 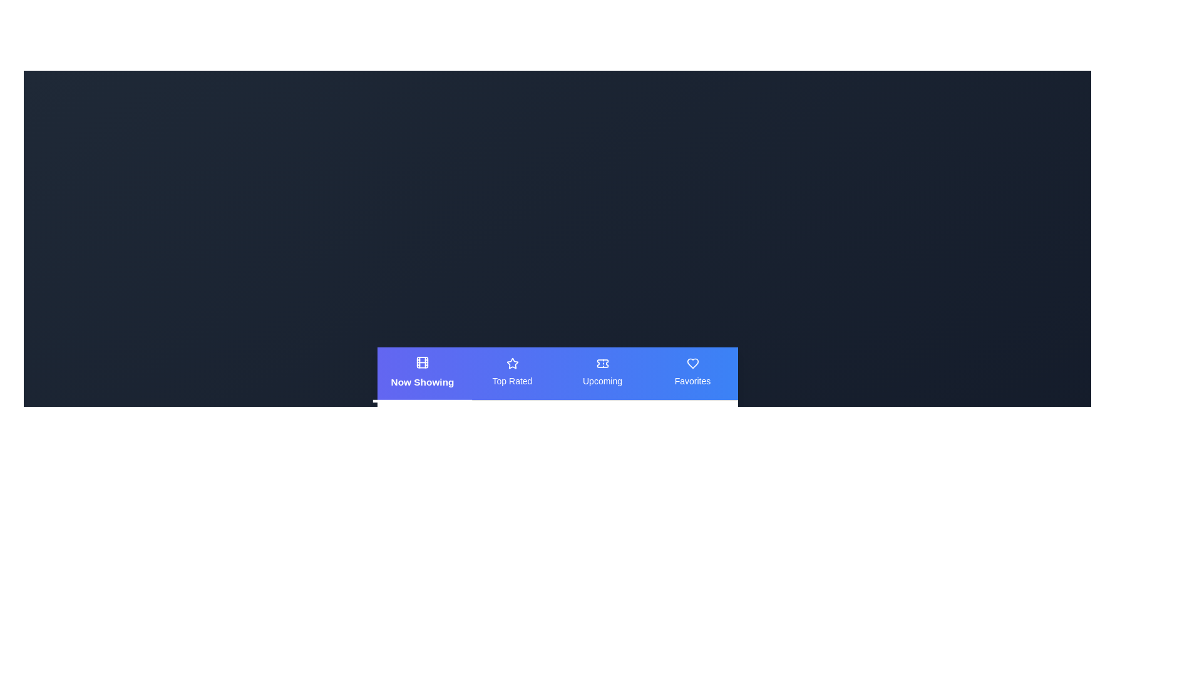 What do you see at coordinates (422, 372) in the screenshot?
I see `the 'Now Showing' button with a film icon above the text` at bounding box center [422, 372].